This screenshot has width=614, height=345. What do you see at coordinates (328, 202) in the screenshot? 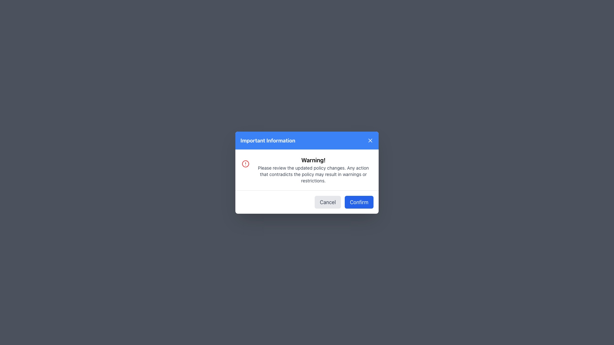
I see `the 'Cancel' button located in the bottom-right section of the dialog box, which is to the left of the blue 'Confirm' button` at bounding box center [328, 202].